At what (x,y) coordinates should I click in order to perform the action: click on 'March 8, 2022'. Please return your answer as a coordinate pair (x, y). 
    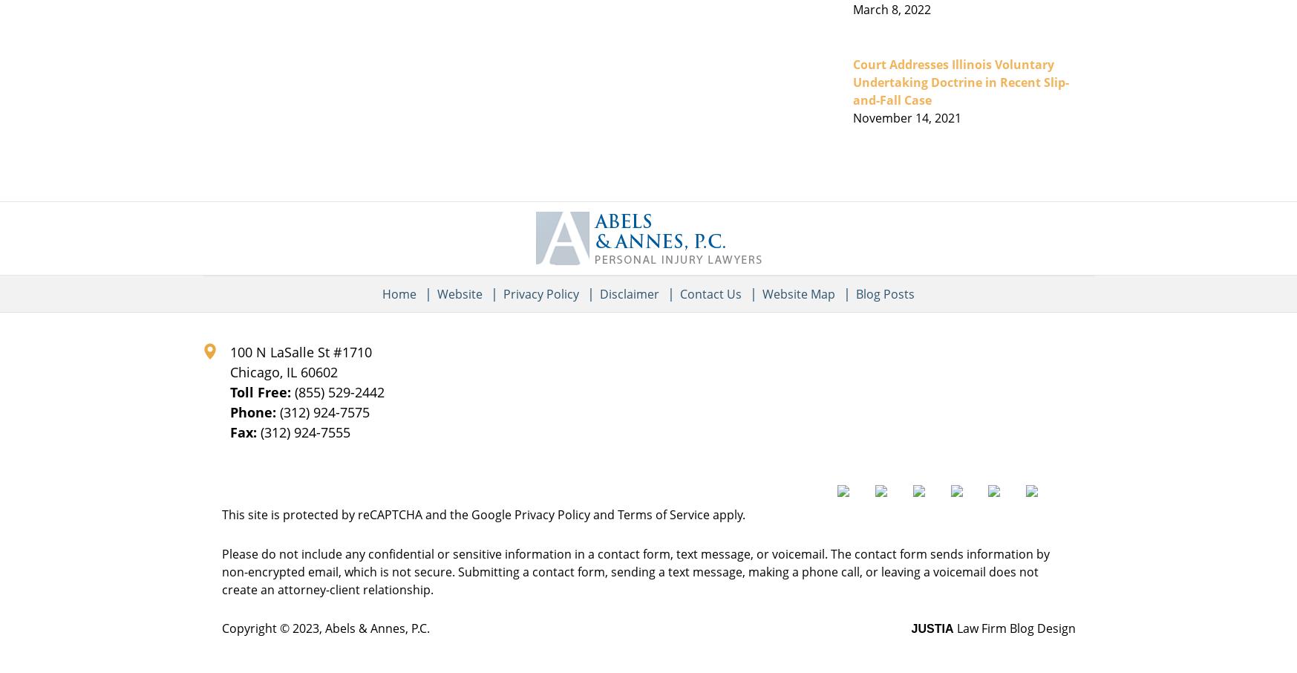
    Looking at the image, I should click on (891, 7).